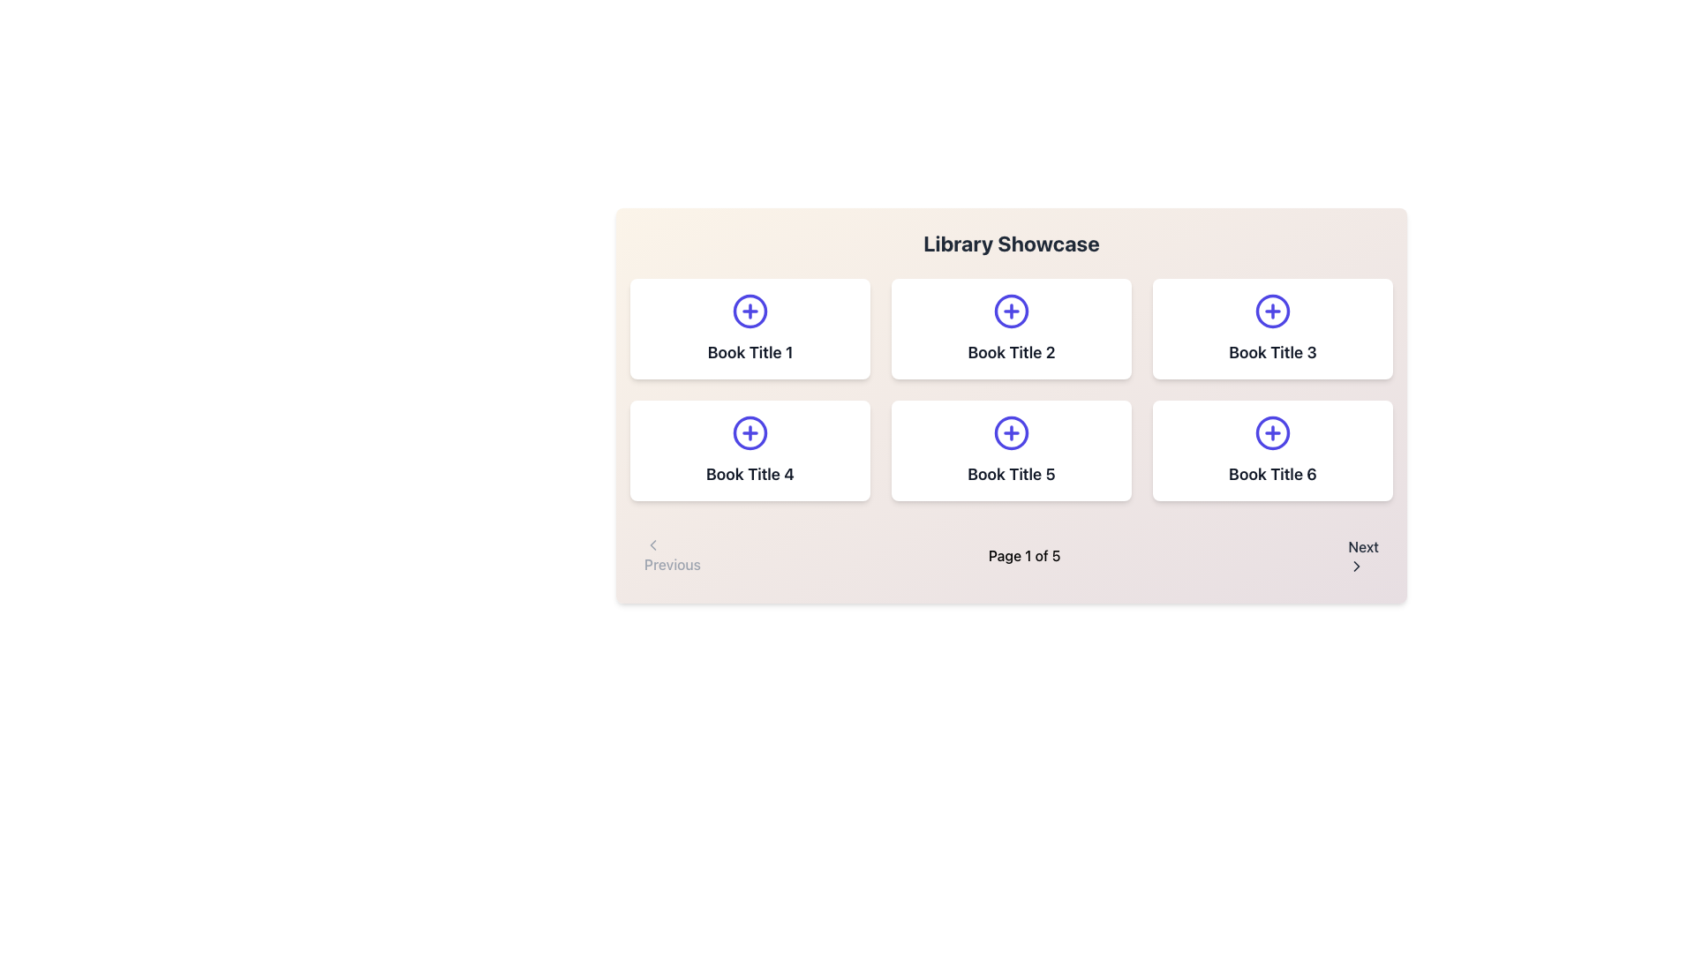 Image resolution: width=1695 pixels, height=953 pixels. What do you see at coordinates (1356, 566) in the screenshot?
I see `the Right Chevron icon in the pagination controls` at bounding box center [1356, 566].